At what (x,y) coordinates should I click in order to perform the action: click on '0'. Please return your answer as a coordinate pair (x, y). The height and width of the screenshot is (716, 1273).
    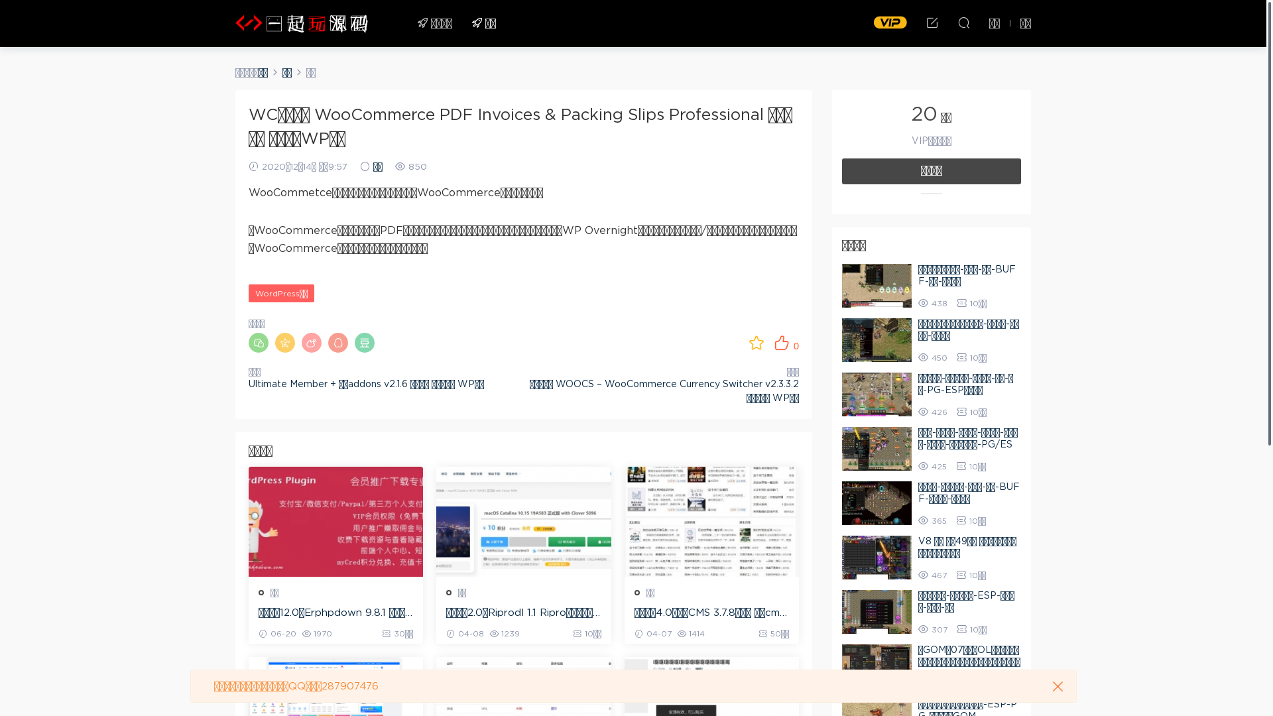
    Looking at the image, I should click on (786, 341).